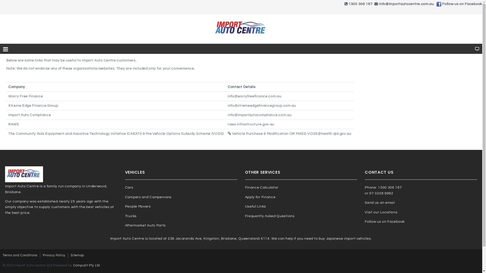  Describe the element at coordinates (258, 133) in the screenshot. I see `'Vehicle Purchase & Modification'` at that location.